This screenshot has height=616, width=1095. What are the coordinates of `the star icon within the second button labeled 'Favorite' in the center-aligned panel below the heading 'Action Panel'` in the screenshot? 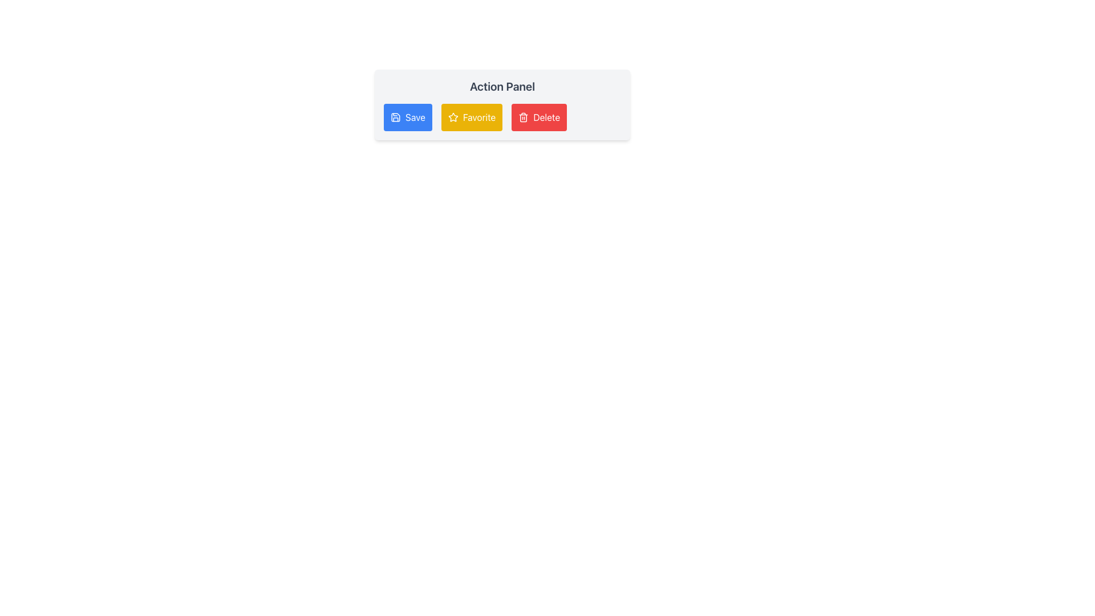 It's located at (452, 117).